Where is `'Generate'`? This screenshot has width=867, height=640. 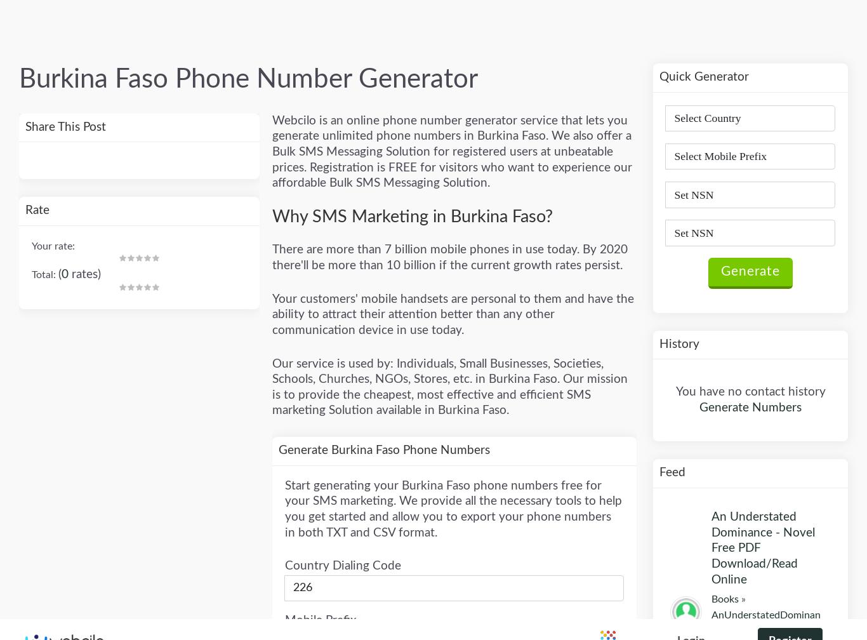 'Generate' is located at coordinates (326, 170).